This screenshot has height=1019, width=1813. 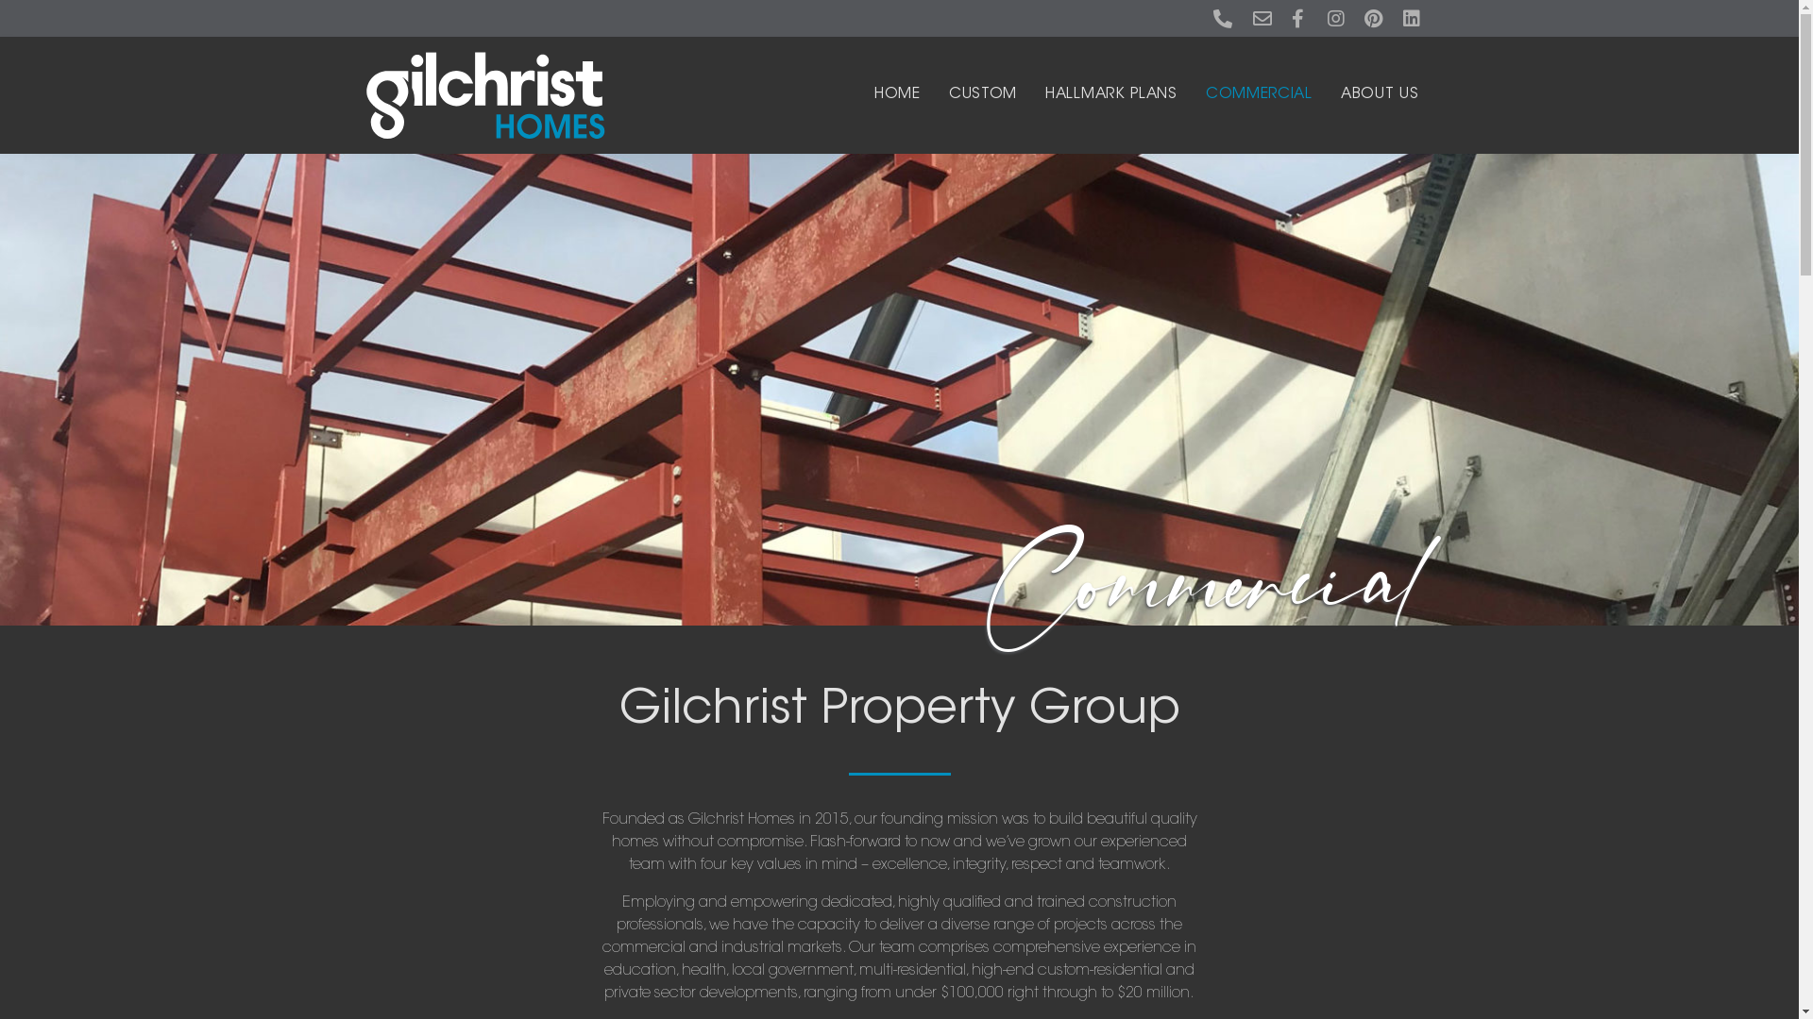 What do you see at coordinates (948, 94) in the screenshot?
I see `'CUSTOM'` at bounding box center [948, 94].